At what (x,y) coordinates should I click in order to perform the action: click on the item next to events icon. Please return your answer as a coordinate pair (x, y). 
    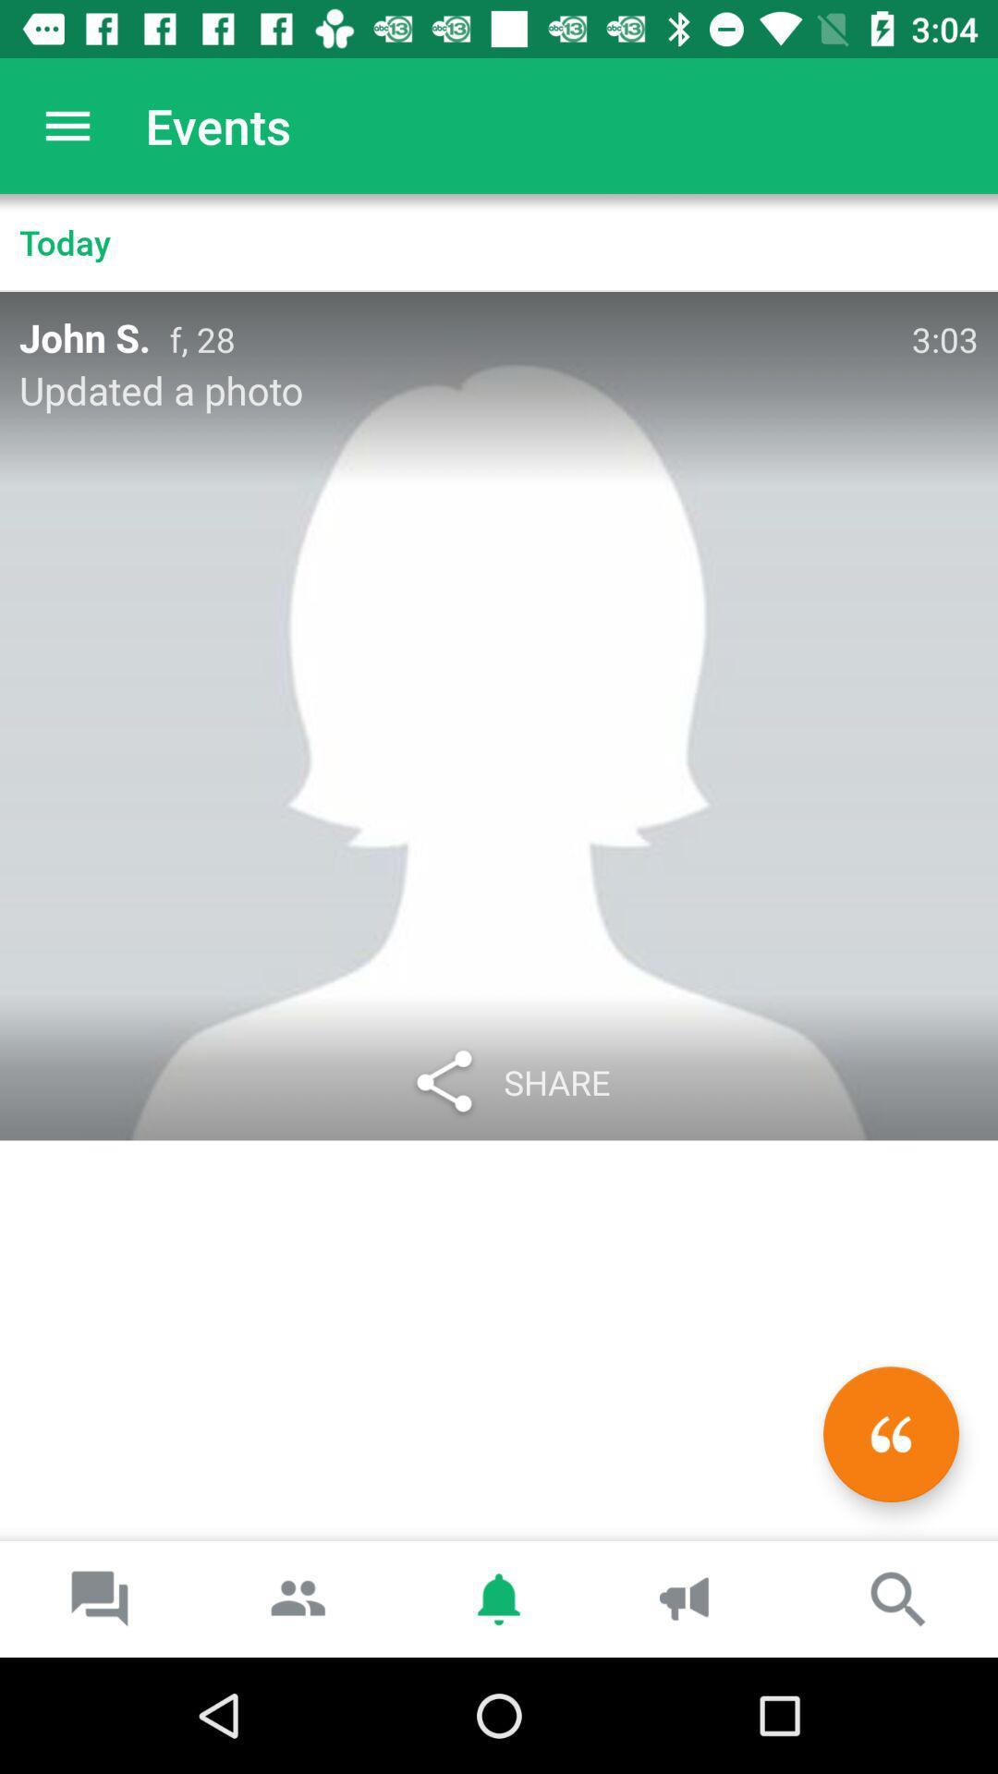
    Looking at the image, I should click on (67, 125).